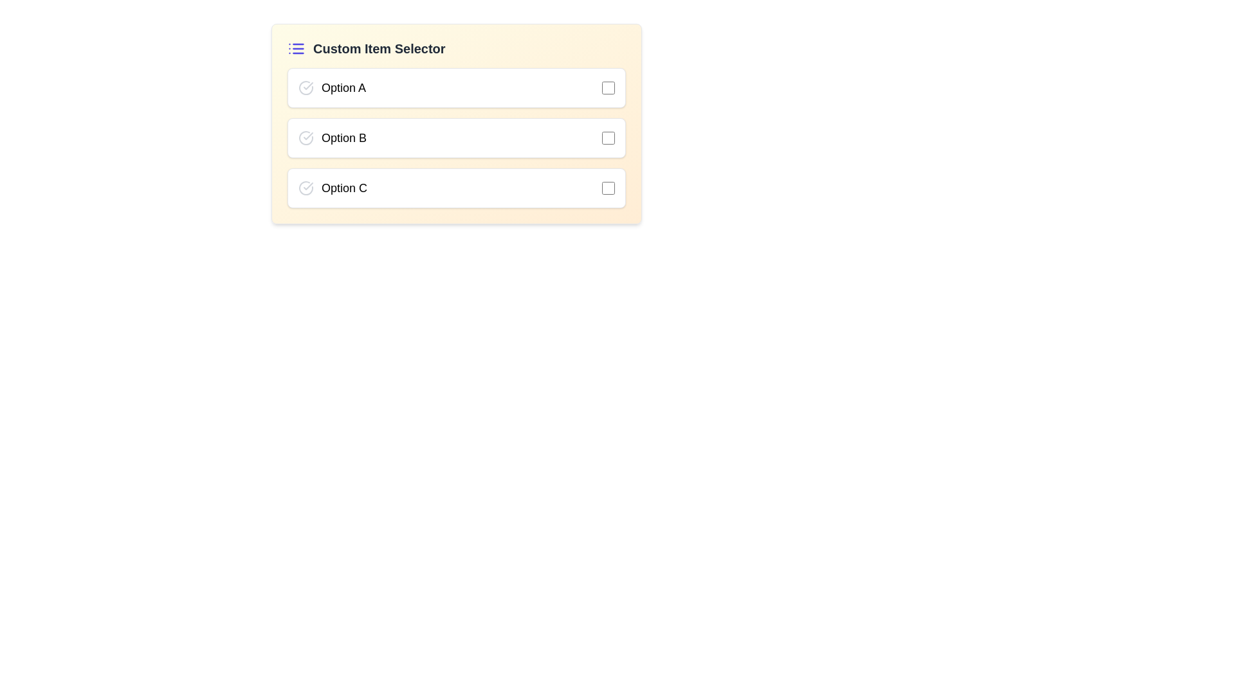 The width and height of the screenshot is (1235, 694). What do you see at coordinates (295, 48) in the screenshot?
I see `the visual state of the indigo-colored list symbol icon located at the top-left corner of the 'Custom Item Selector' section, immediately to the left of the title text` at bounding box center [295, 48].